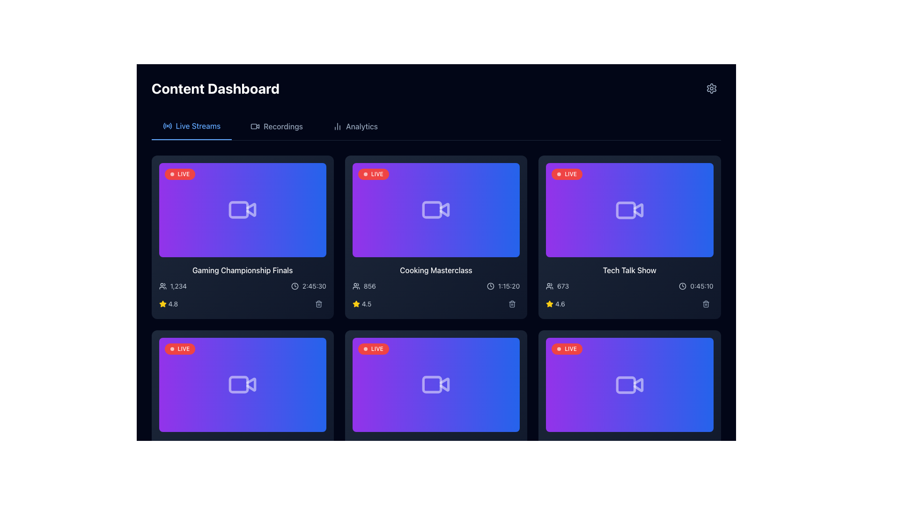 The image size is (899, 506). What do you see at coordinates (255, 126) in the screenshot?
I see `video camera icon located in the navigation bar near the 'Recordings' text using developer tools` at bounding box center [255, 126].